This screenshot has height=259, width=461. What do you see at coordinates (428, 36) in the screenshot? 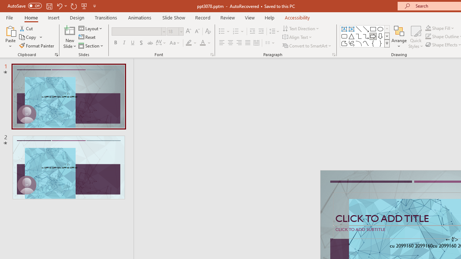
I see `'Shape Outline Green, Accent 1'` at bounding box center [428, 36].